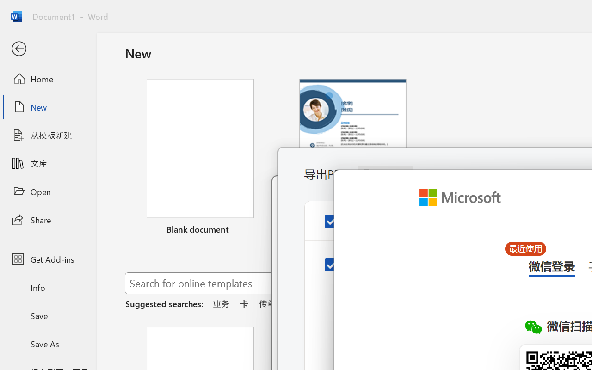 This screenshot has width=592, height=370. Describe the element at coordinates (48, 49) in the screenshot. I see `'Back'` at that location.